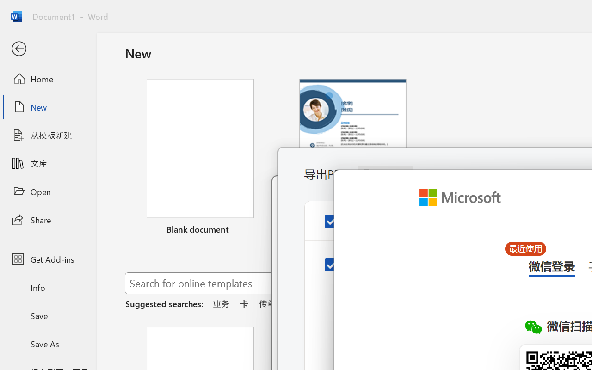 This screenshot has width=592, height=370. Describe the element at coordinates (48, 49) in the screenshot. I see `'Back'` at that location.